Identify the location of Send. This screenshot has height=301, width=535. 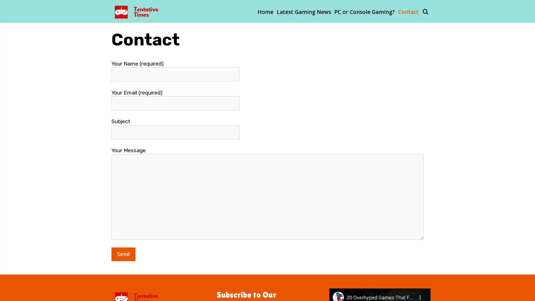
(123, 254).